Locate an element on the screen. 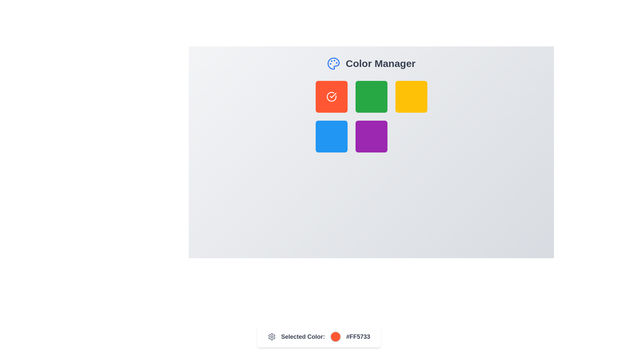 The width and height of the screenshot is (638, 358). the gear outline of the settings icon represented as a vector graphic within the SVG element, located near the top-right corner of the interface is located at coordinates (271, 336).